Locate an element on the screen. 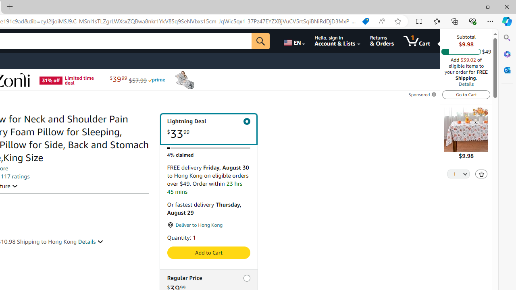 Image resolution: width=516 pixels, height=290 pixels. 'Details' is located at coordinates (466, 84).